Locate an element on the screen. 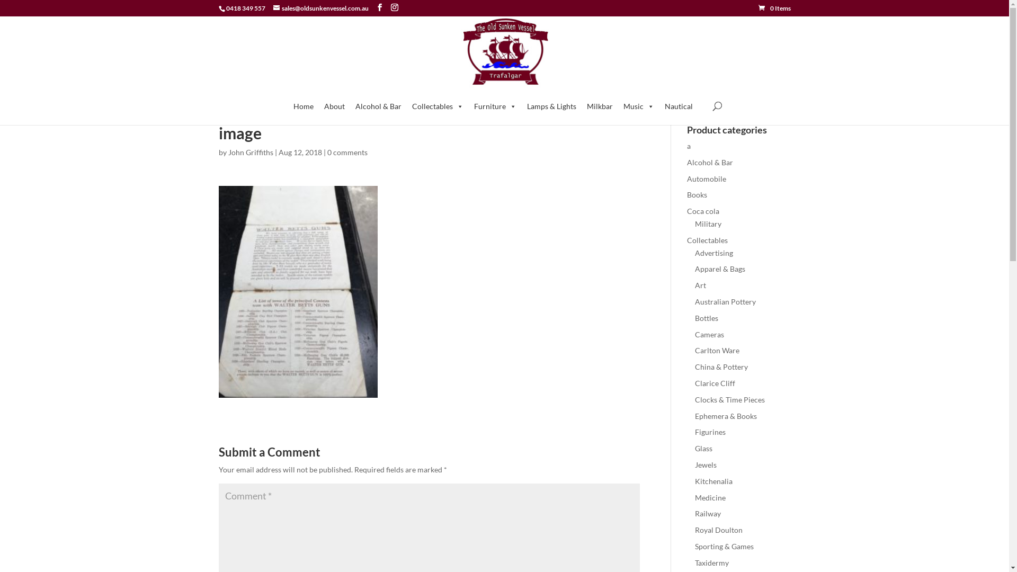  'Clarice Cliff' is located at coordinates (694, 383).